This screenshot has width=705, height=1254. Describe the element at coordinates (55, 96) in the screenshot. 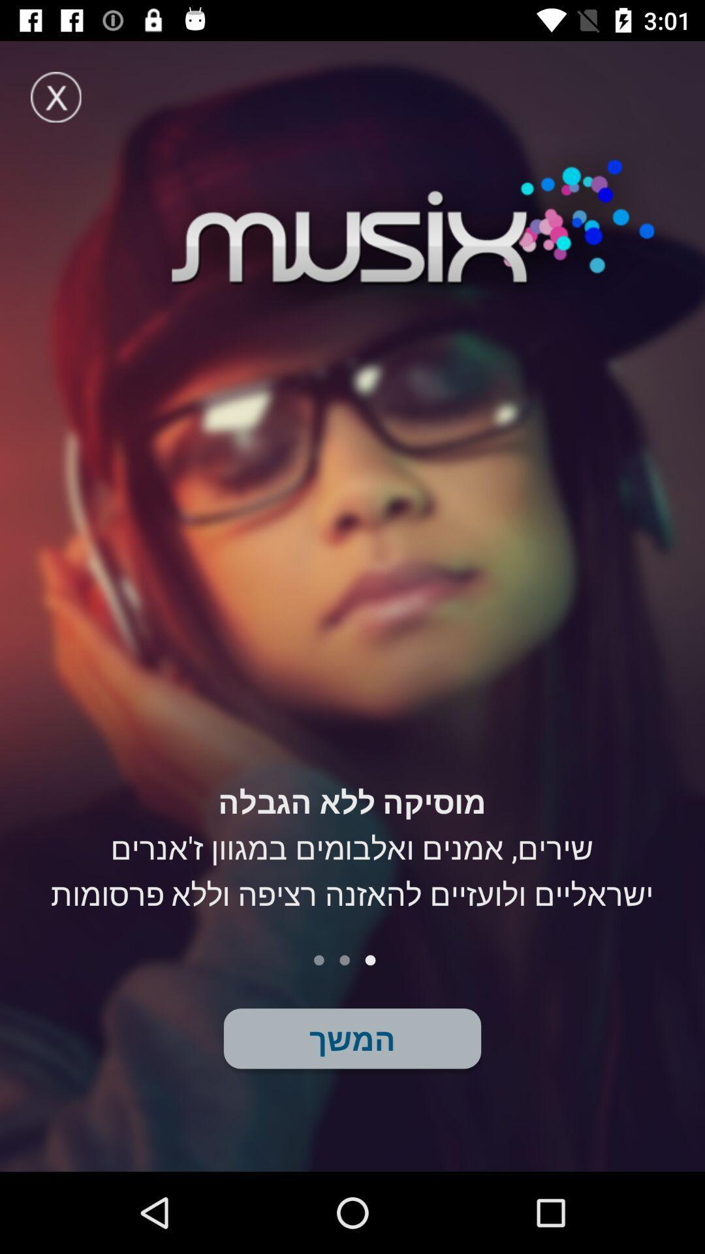

I see `the close icon` at that location.